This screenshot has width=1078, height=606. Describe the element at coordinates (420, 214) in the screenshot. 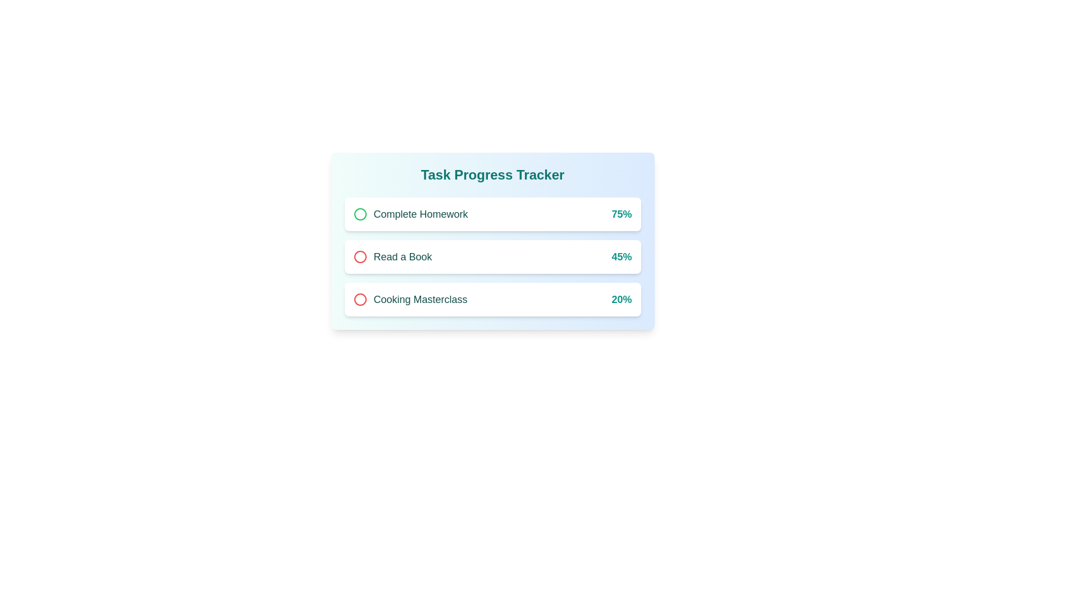

I see `the task name text label, which is the first item in a vertical list within a light blue card, located to the right of a green circular icon and to the left of a percentage indicator, to interact with surrounding elements in the interface` at that location.